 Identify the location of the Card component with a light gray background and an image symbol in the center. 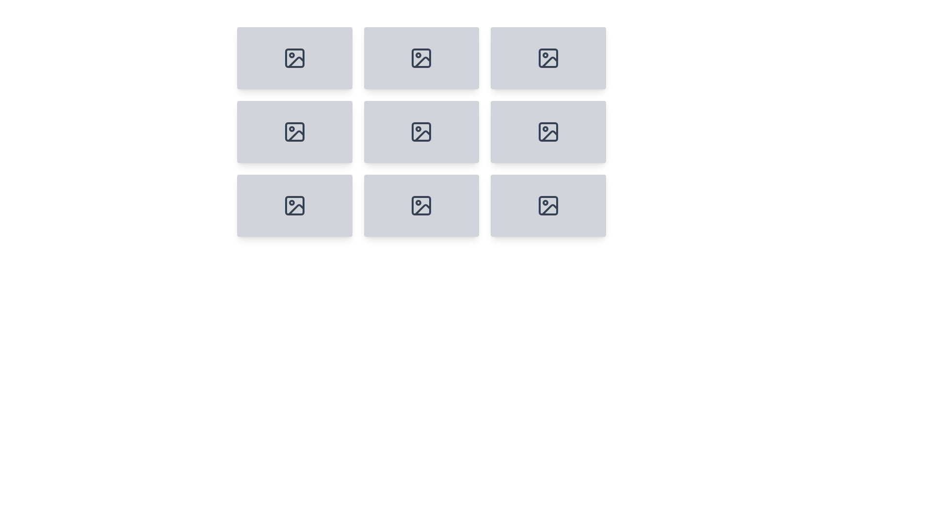
(294, 132).